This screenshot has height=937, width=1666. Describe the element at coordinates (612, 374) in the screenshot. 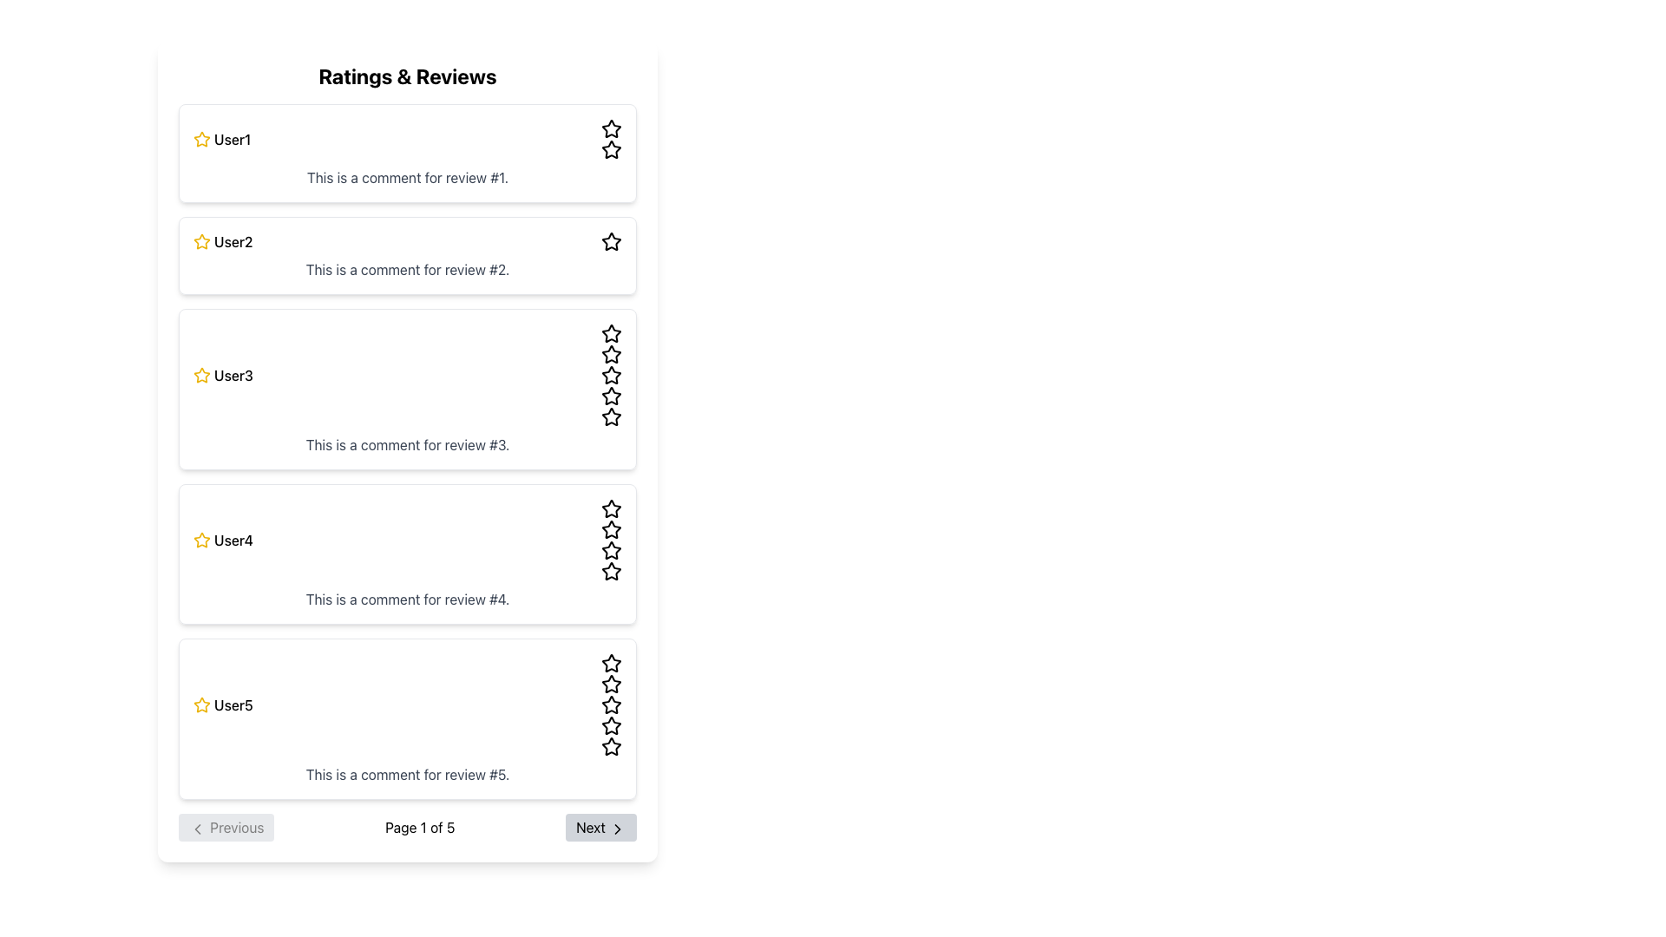

I see `the third star icon in the rating component associated with 'User3'` at that location.